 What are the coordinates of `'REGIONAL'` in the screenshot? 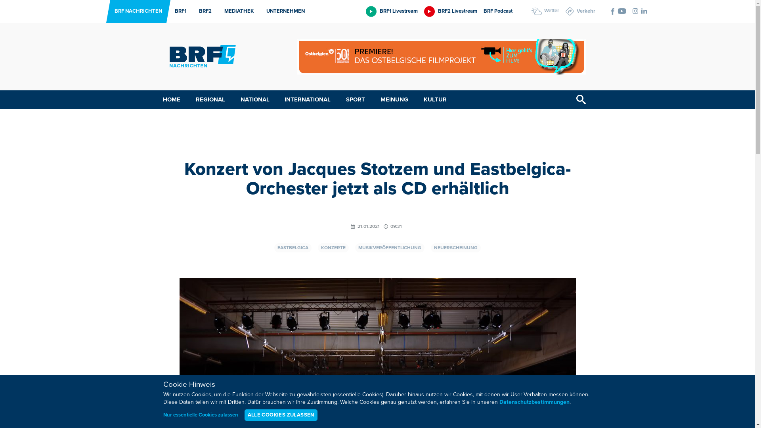 It's located at (192, 99).